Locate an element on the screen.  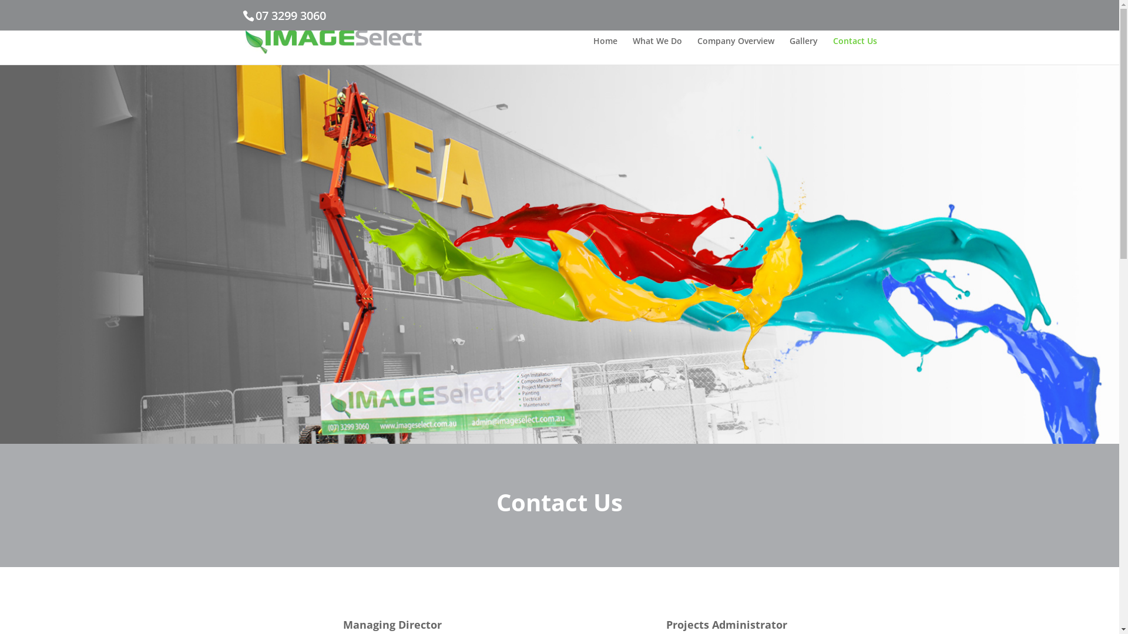
'Gallery' is located at coordinates (803, 50).